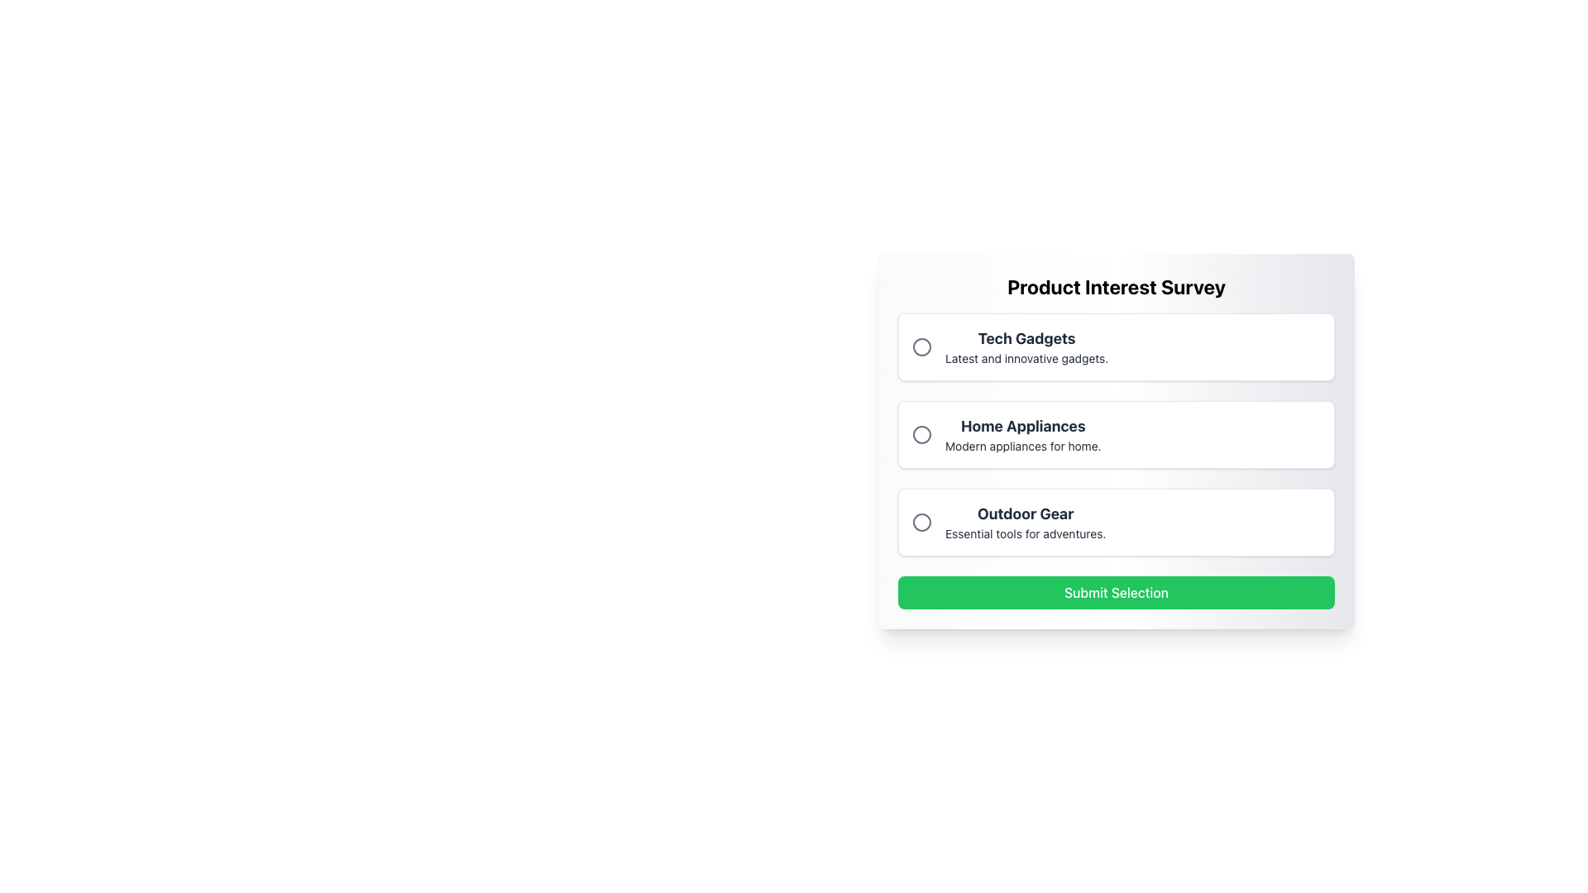  I want to click on the hollow circular radio button to the left of the 'Home Appliances' survey option, so click(921, 433).